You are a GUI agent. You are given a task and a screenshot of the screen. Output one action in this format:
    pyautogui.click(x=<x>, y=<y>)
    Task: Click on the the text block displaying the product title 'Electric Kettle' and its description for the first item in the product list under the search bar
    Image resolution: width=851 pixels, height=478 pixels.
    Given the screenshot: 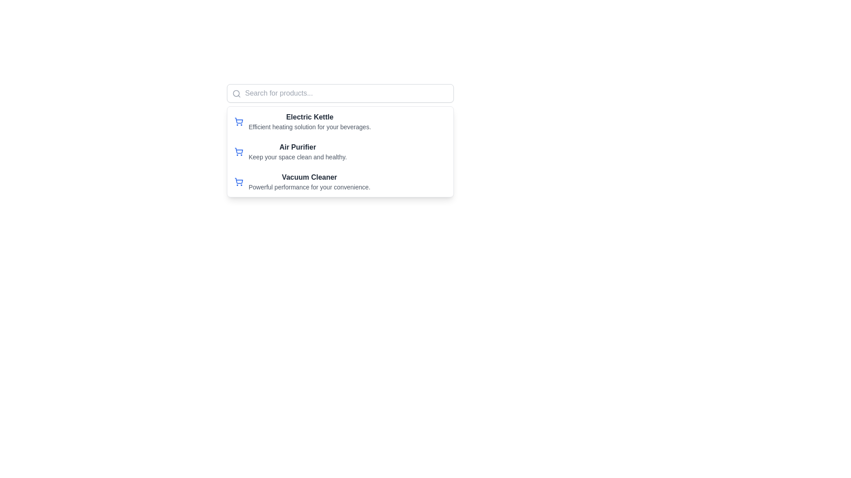 What is the action you would take?
    pyautogui.click(x=310, y=121)
    